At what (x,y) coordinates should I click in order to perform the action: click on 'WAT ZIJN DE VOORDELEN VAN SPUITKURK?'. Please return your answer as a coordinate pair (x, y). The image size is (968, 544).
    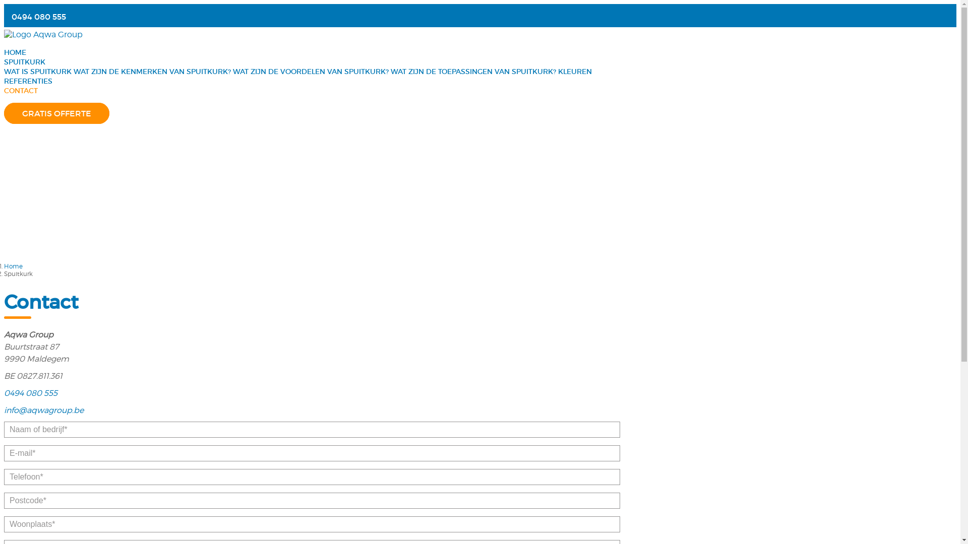
    Looking at the image, I should click on (310, 71).